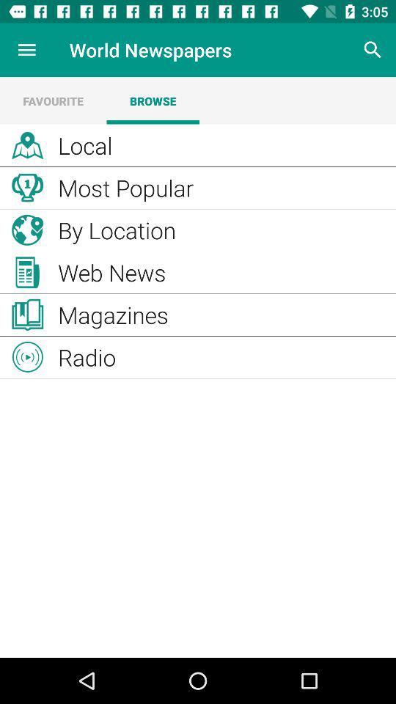 The image size is (396, 704). What do you see at coordinates (373, 50) in the screenshot?
I see `search newspaper options` at bounding box center [373, 50].